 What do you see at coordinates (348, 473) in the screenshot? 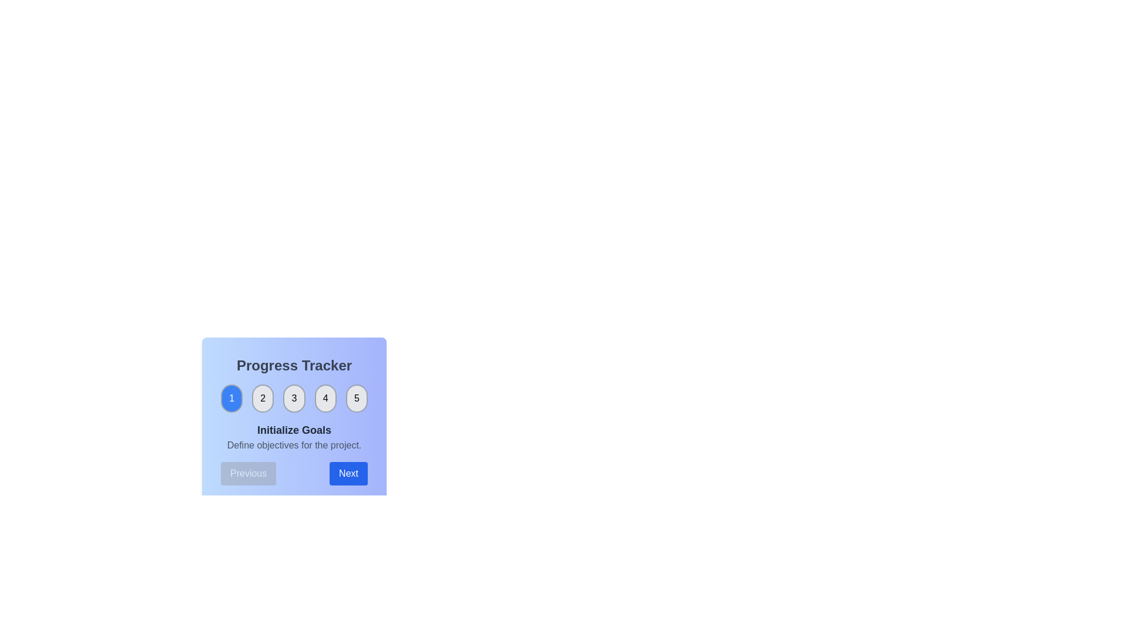
I see `the 'Next' button to proceed to the next step` at bounding box center [348, 473].